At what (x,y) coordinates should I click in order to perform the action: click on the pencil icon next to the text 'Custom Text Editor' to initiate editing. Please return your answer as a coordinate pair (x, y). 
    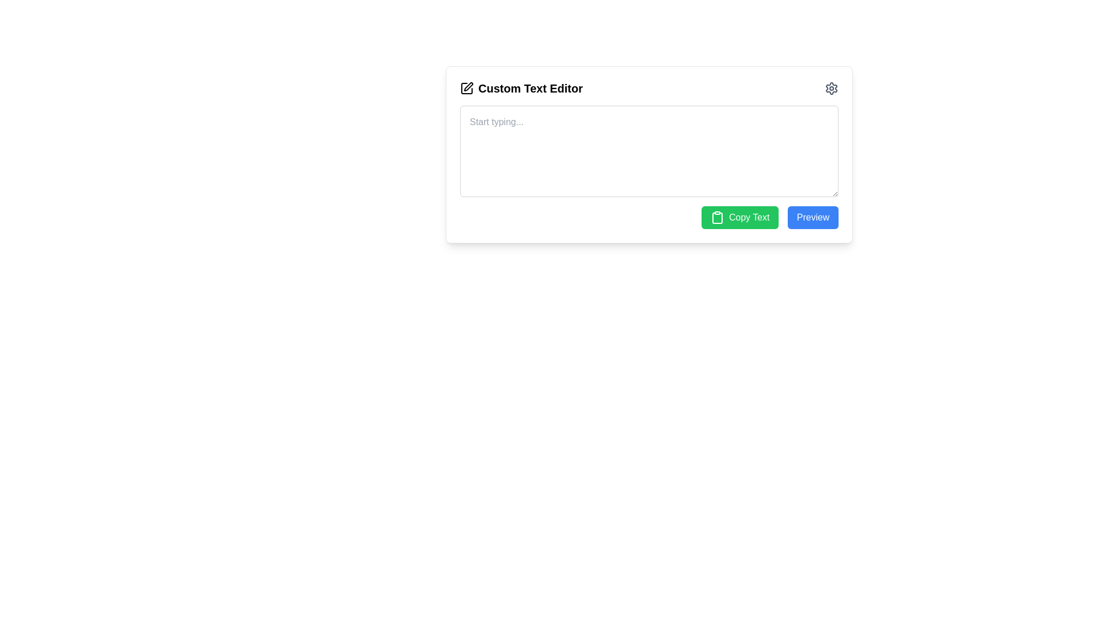
    Looking at the image, I should click on (466, 87).